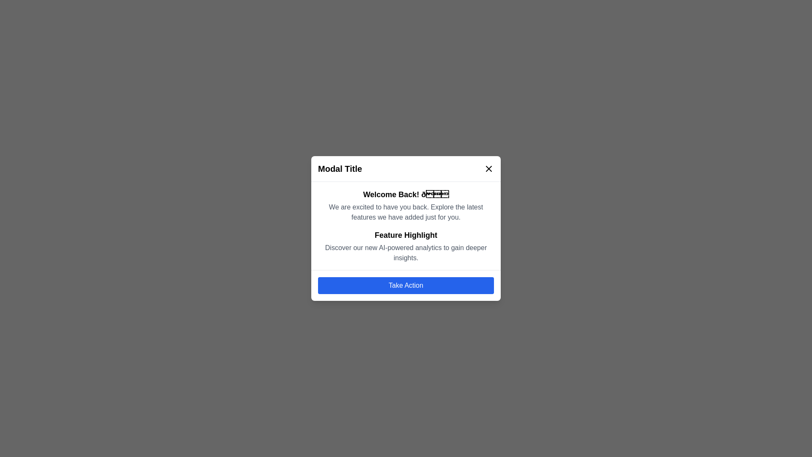 The height and width of the screenshot is (457, 812). I want to click on the close icon in the top-right corner of the modal window titled 'Modal Title', so click(489, 168).